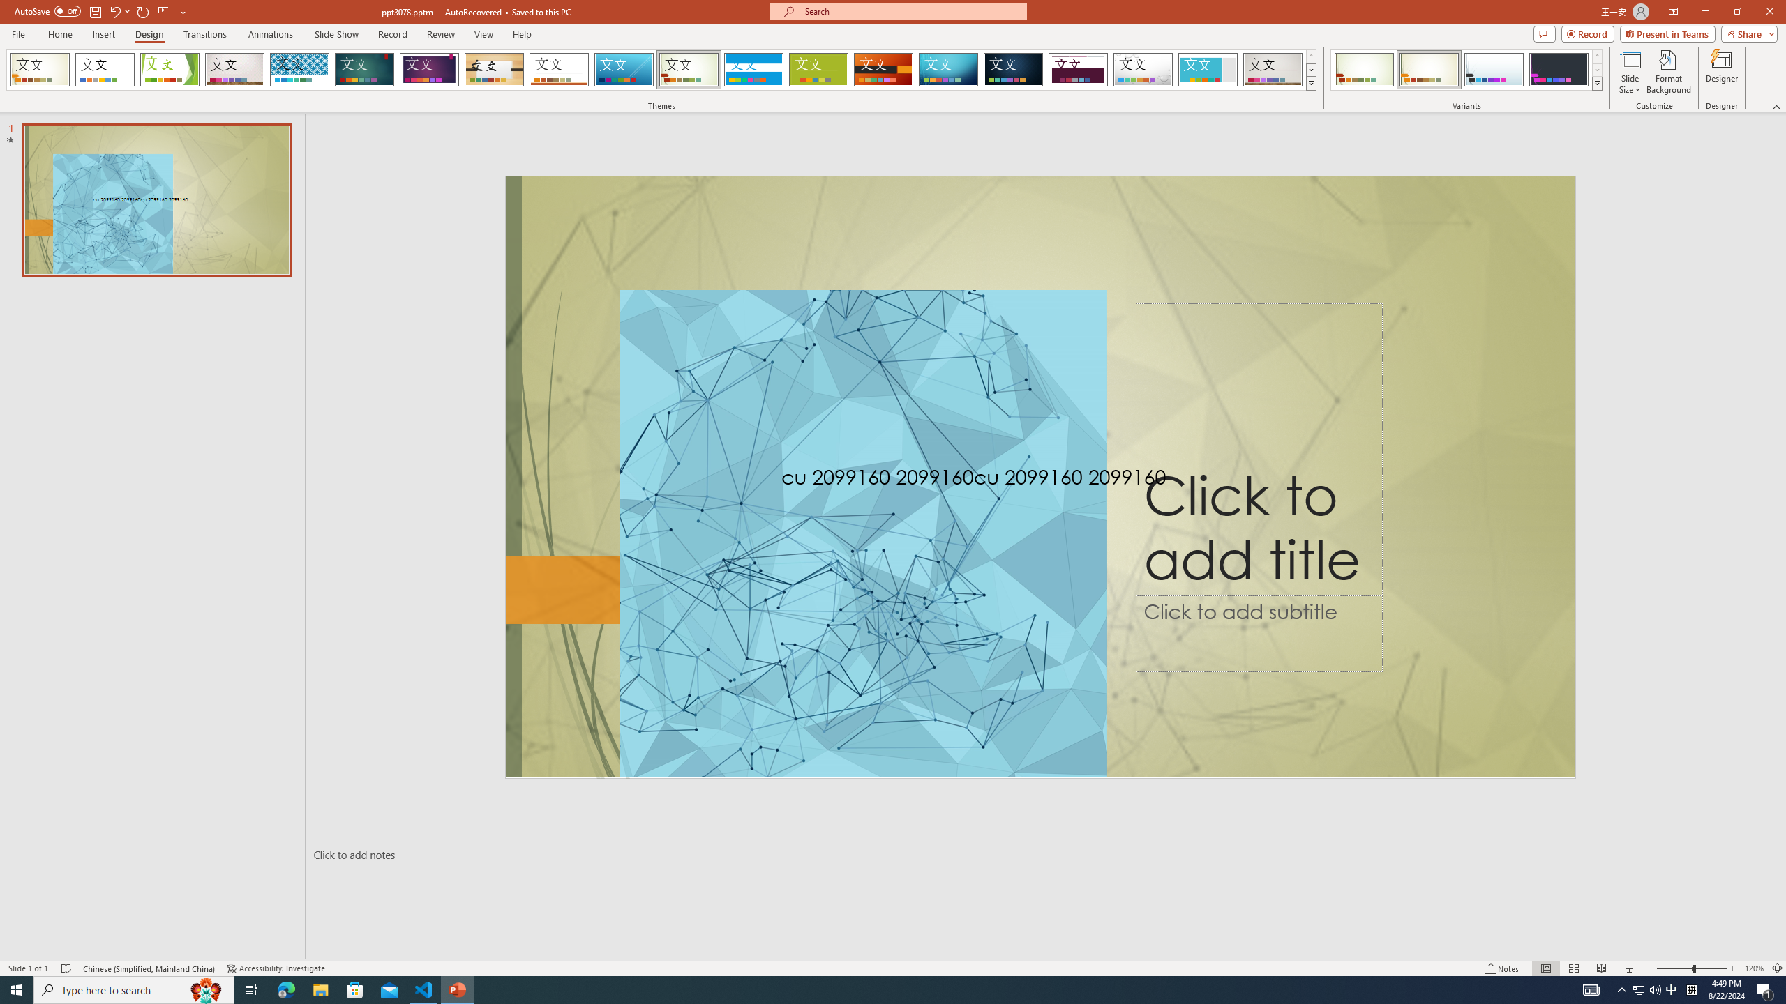 The width and height of the screenshot is (1786, 1004). What do you see at coordinates (753, 69) in the screenshot?
I see `'Banded Loading Preview...'` at bounding box center [753, 69].